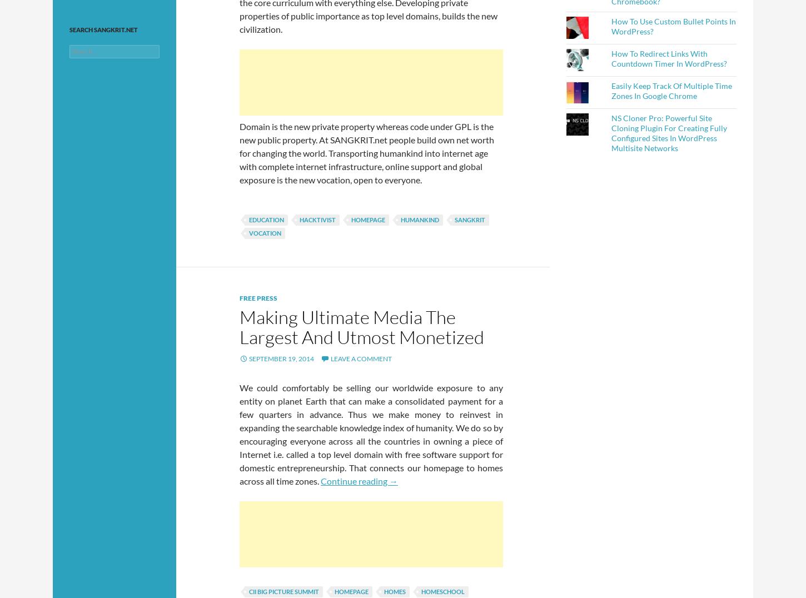 Image resolution: width=806 pixels, height=598 pixels. I want to click on 'cii big picture summit', so click(283, 591).